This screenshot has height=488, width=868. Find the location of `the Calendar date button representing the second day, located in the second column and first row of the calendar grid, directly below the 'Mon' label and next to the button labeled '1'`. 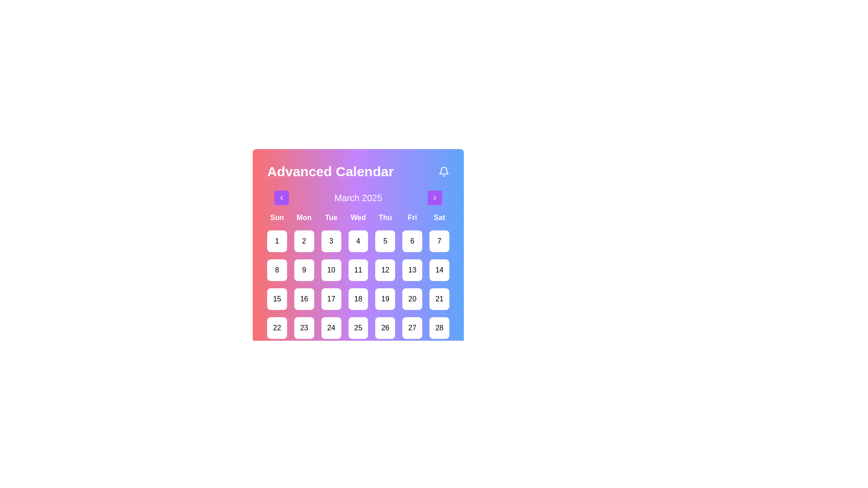

the Calendar date button representing the second day, located in the second column and first row of the calendar grid, directly below the 'Mon' label and next to the button labeled '1' is located at coordinates (304, 240).